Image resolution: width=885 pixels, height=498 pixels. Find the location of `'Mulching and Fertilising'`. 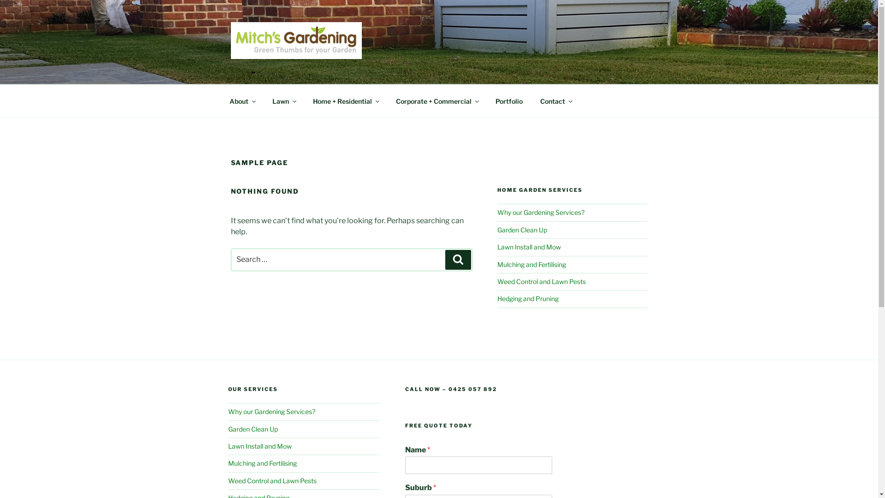

'Mulching and Fertilising' is located at coordinates (261, 463).